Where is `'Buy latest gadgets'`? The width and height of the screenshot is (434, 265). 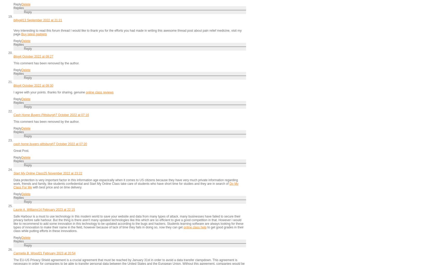
'Buy latest gadgets' is located at coordinates (33, 34).